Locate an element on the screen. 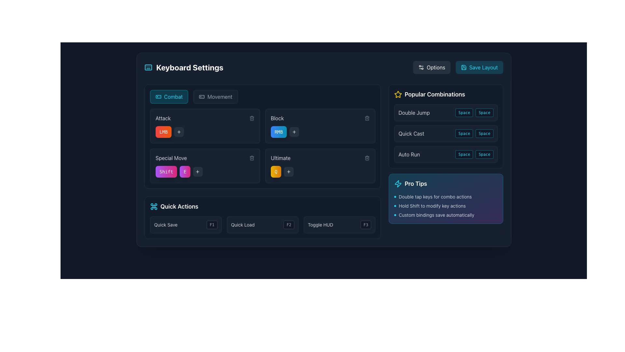 This screenshot has width=625, height=352. the small square button with rounded corners and a dark background, featuring a centered '+' icon, located to the right of the 'RMB' button in the 'Block' section under the 'Combat' category to observe tooltip or visual feedback is located at coordinates (294, 132).